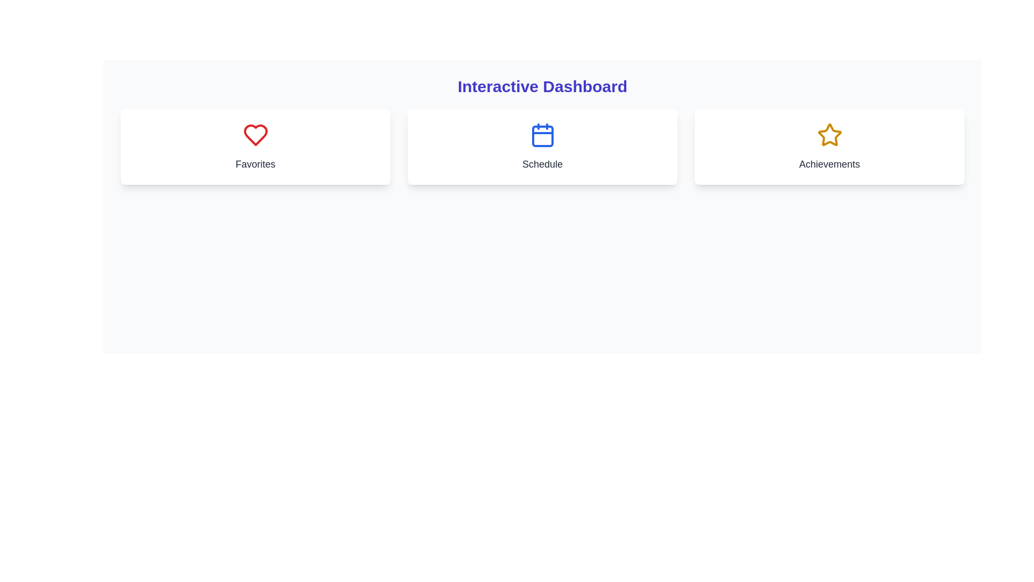 The image size is (1034, 582). I want to click on the 'Favorites' card element, which features a large red heart icon above the label with the text 'Favorites' in gray, indicating a favorite or like concept, located on the left side of a group of three similar elements, so click(255, 147).